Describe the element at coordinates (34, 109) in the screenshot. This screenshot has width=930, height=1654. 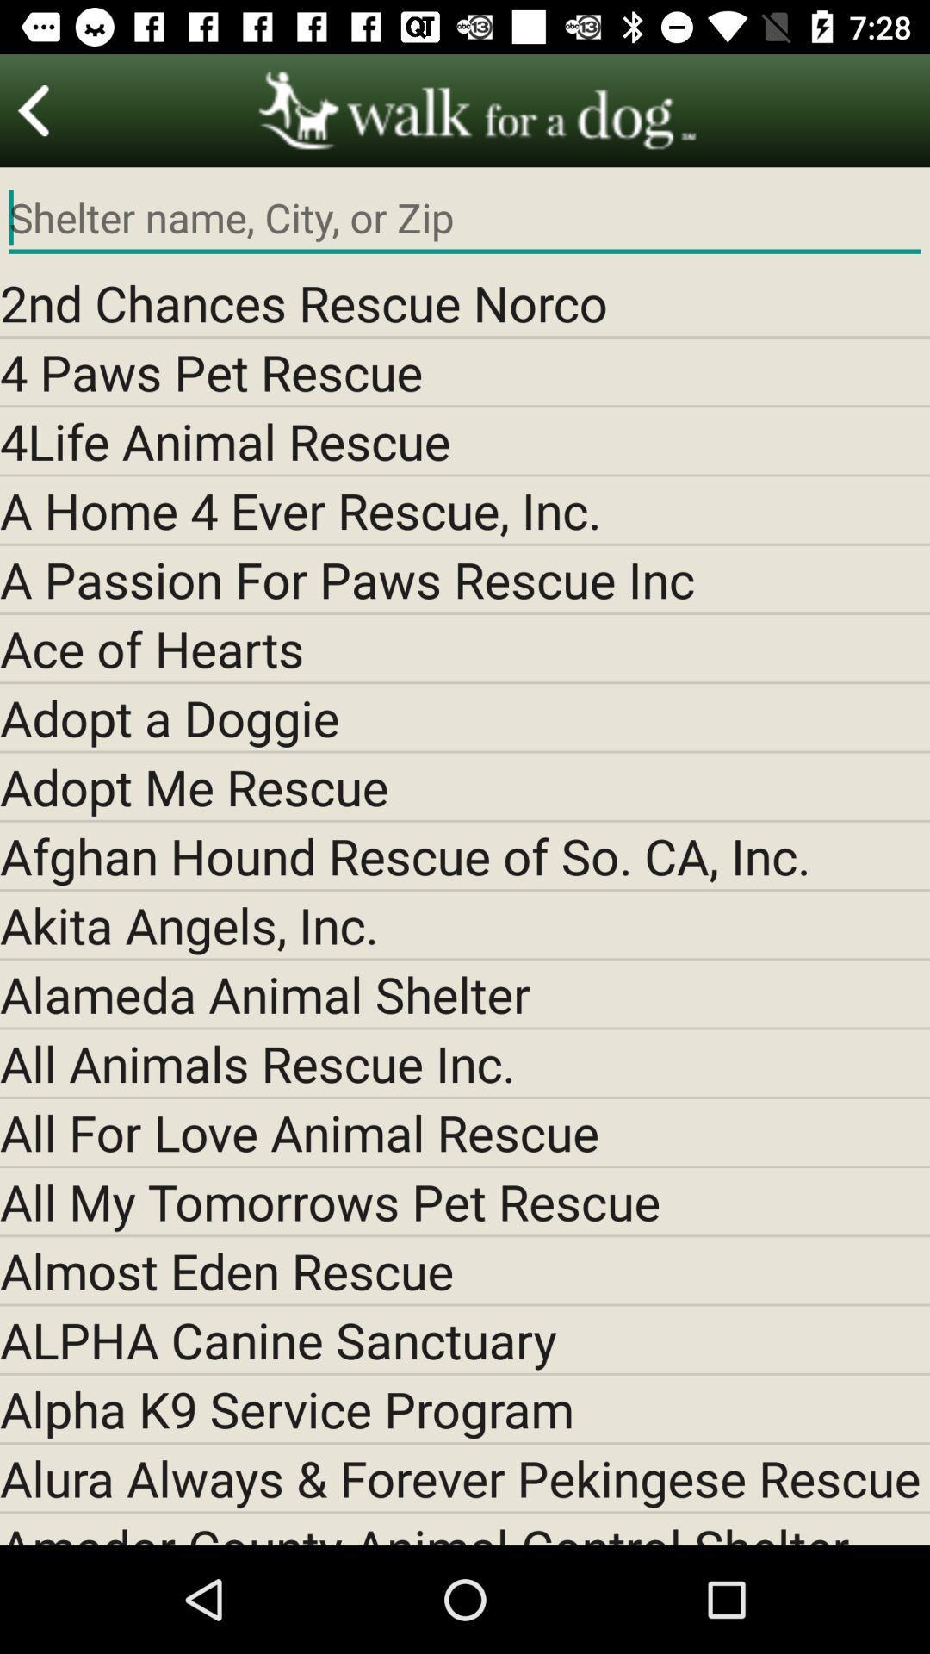
I see `go back` at that location.